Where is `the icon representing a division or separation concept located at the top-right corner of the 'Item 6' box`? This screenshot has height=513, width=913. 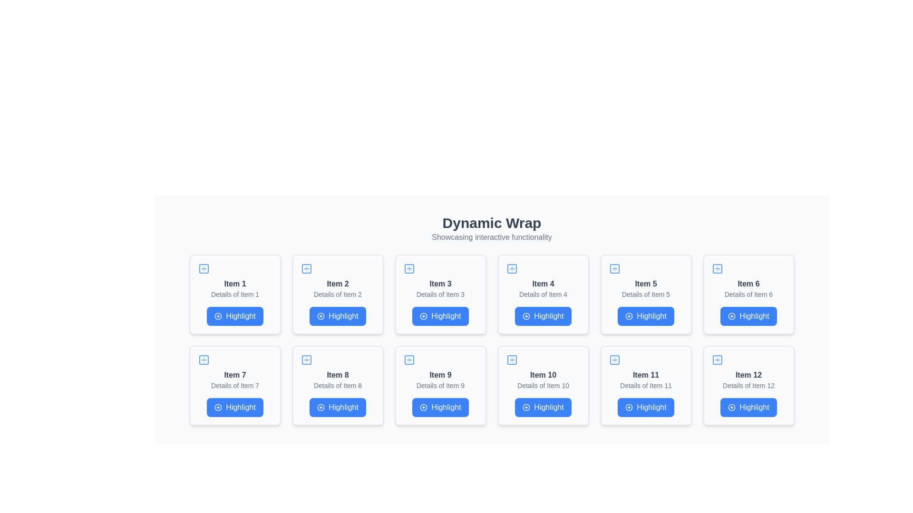 the icon representing a division or separation concept located at the top-right corner of the 'Item 6' box is located at coordinates (717, 269).